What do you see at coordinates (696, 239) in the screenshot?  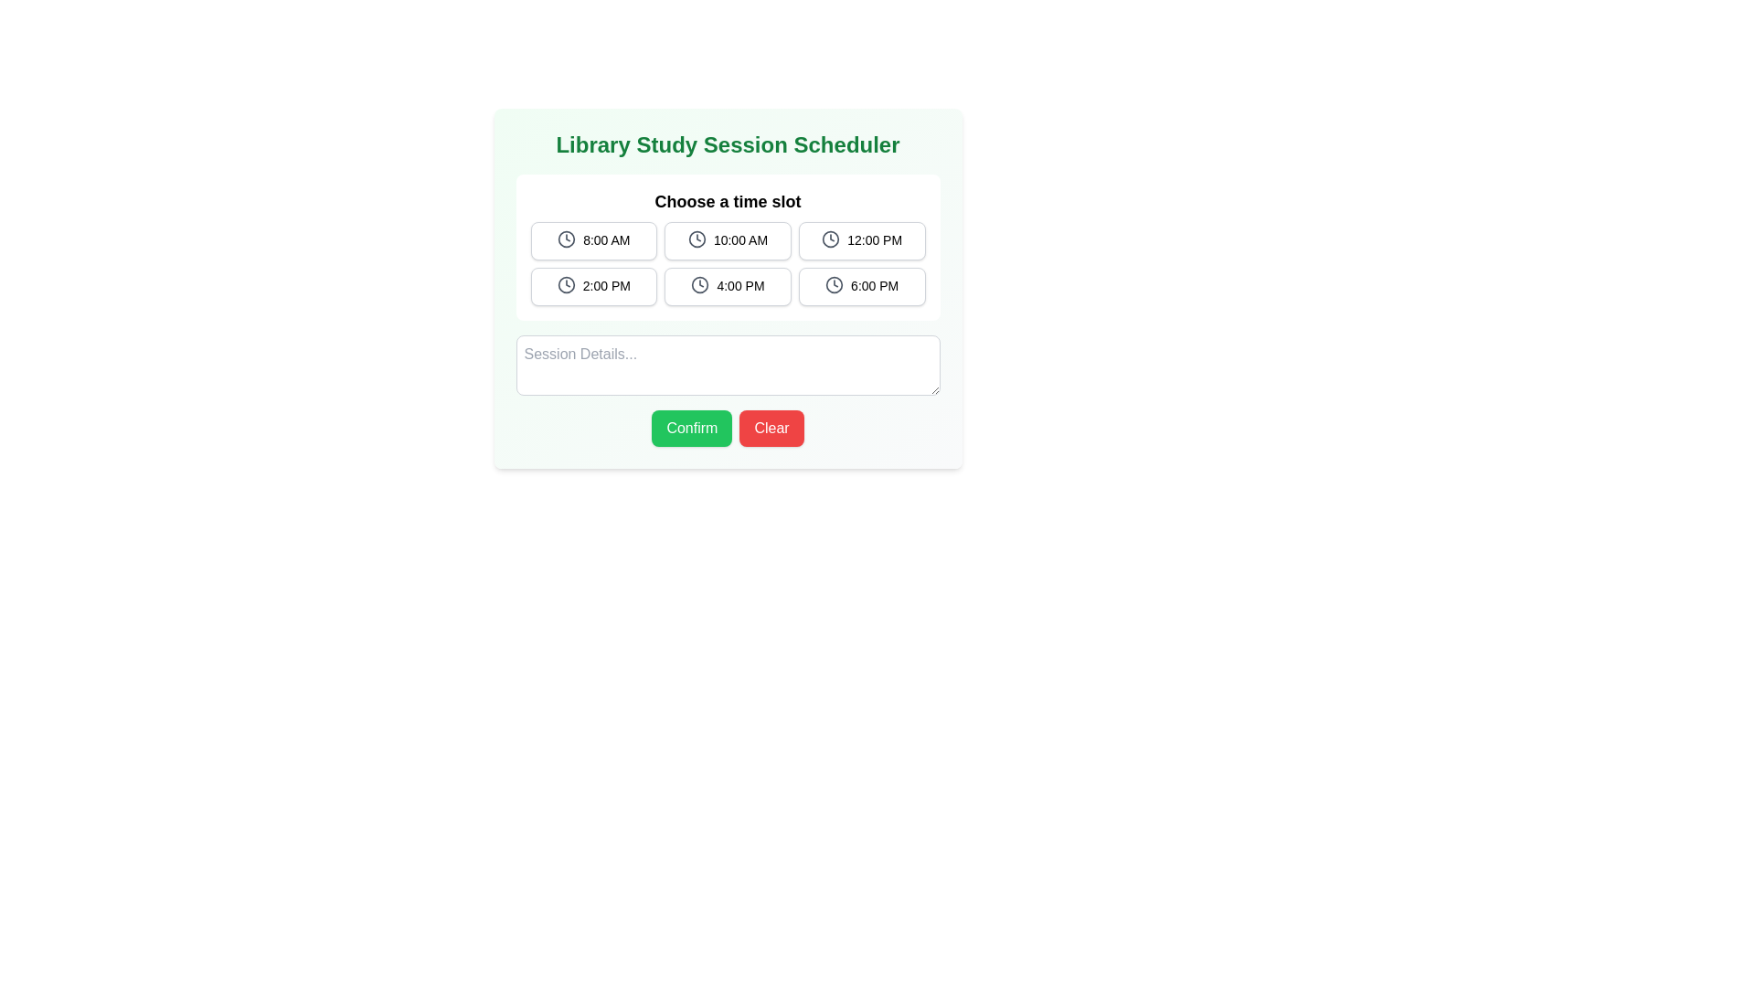 I see `the stroke-style circle within the SVG graphic that is part of the clock icon next to the '10:00 AM' time slot in the scheduler interface` at bounding box center [696, 239].